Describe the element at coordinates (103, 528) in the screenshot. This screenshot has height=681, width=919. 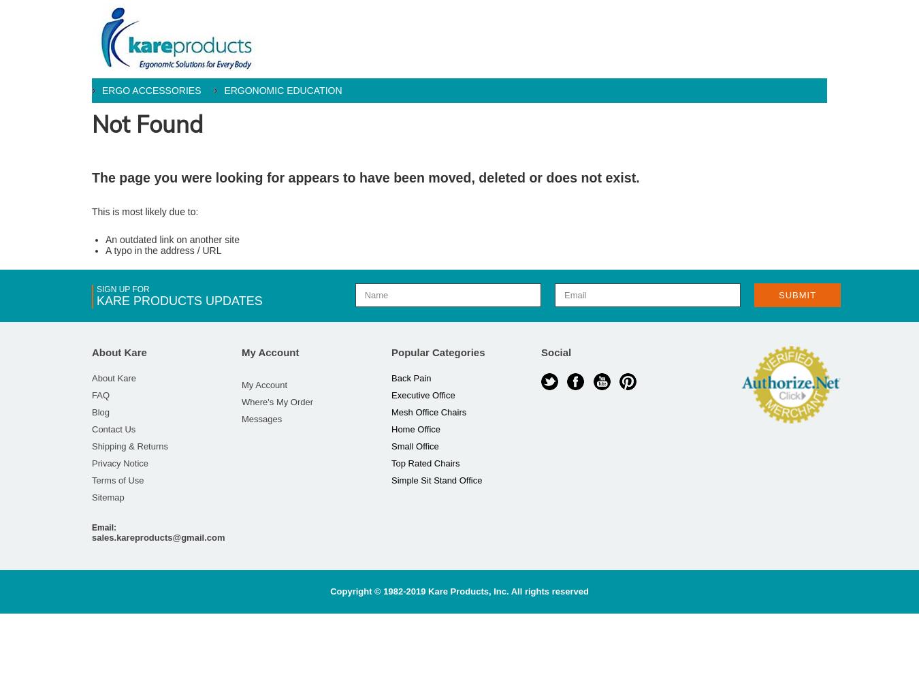
I see `'Email:'` at that location.